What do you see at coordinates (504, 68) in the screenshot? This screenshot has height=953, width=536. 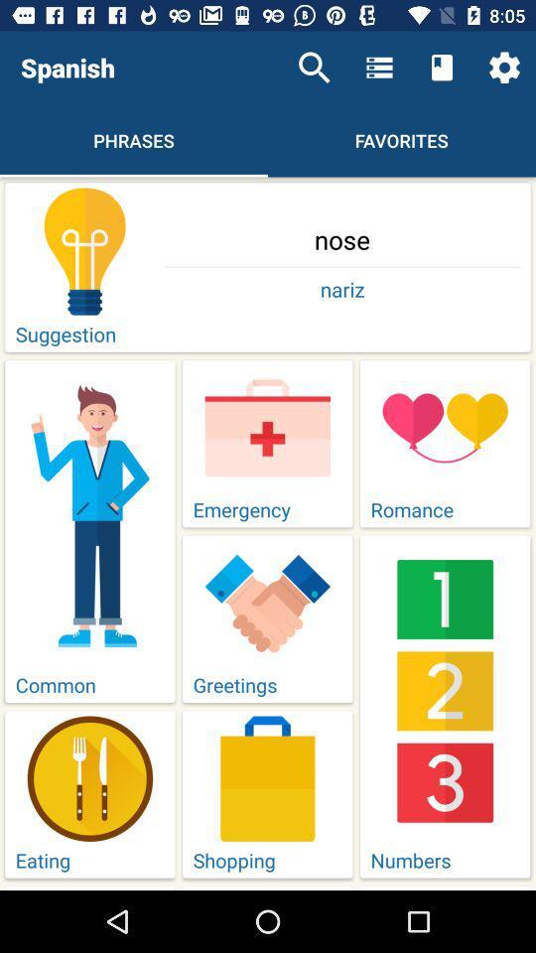 I see `the icon above nose icon` at bounding box center [504, 68].